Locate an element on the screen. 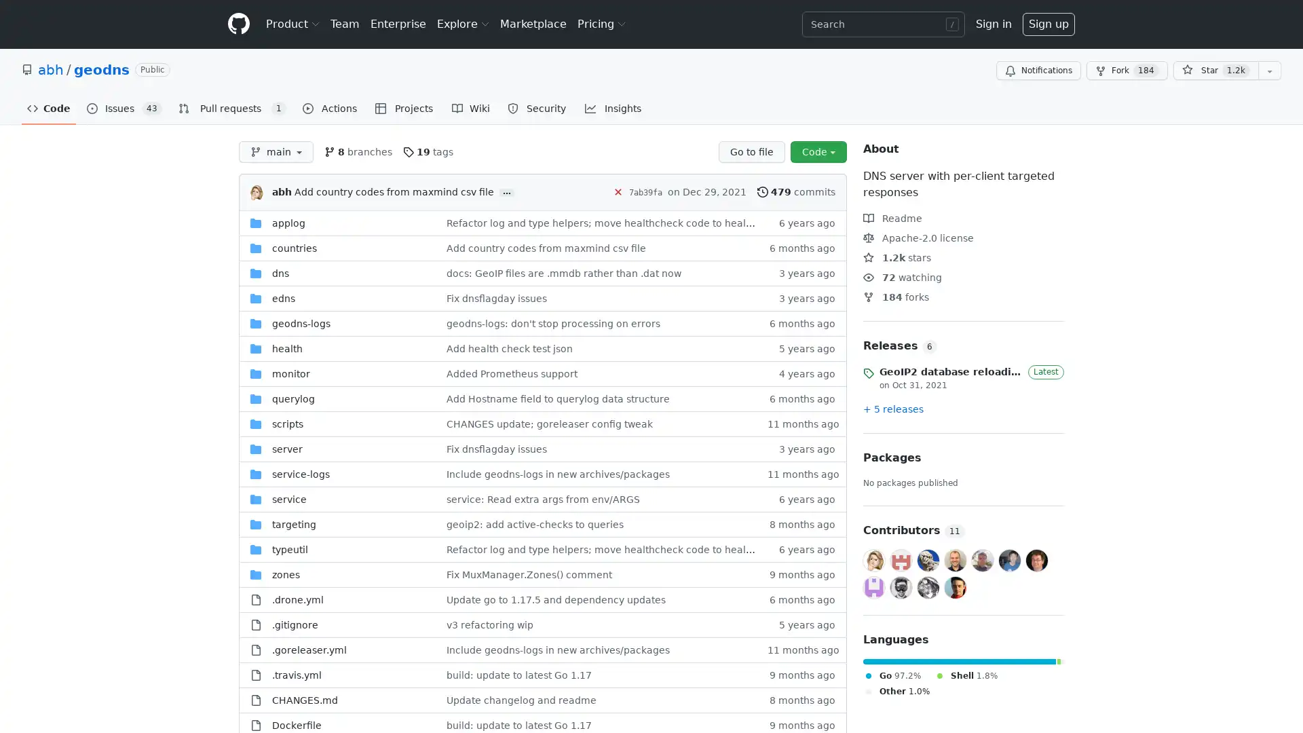 The image size is (1303, 733). ... is located at coordinates (506, 193).